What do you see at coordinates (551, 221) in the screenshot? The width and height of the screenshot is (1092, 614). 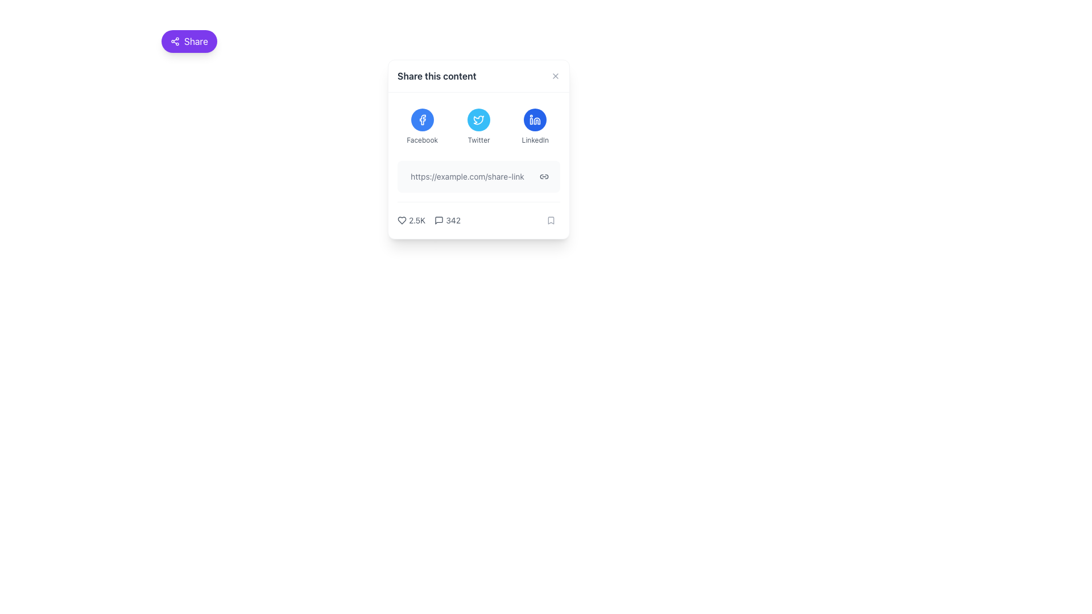 I see `the bookmark icon, which is a simple SVG graphic located at the bottom-right corner of the card component displaying sharing options and statistics` at bounding box center [551, 221].